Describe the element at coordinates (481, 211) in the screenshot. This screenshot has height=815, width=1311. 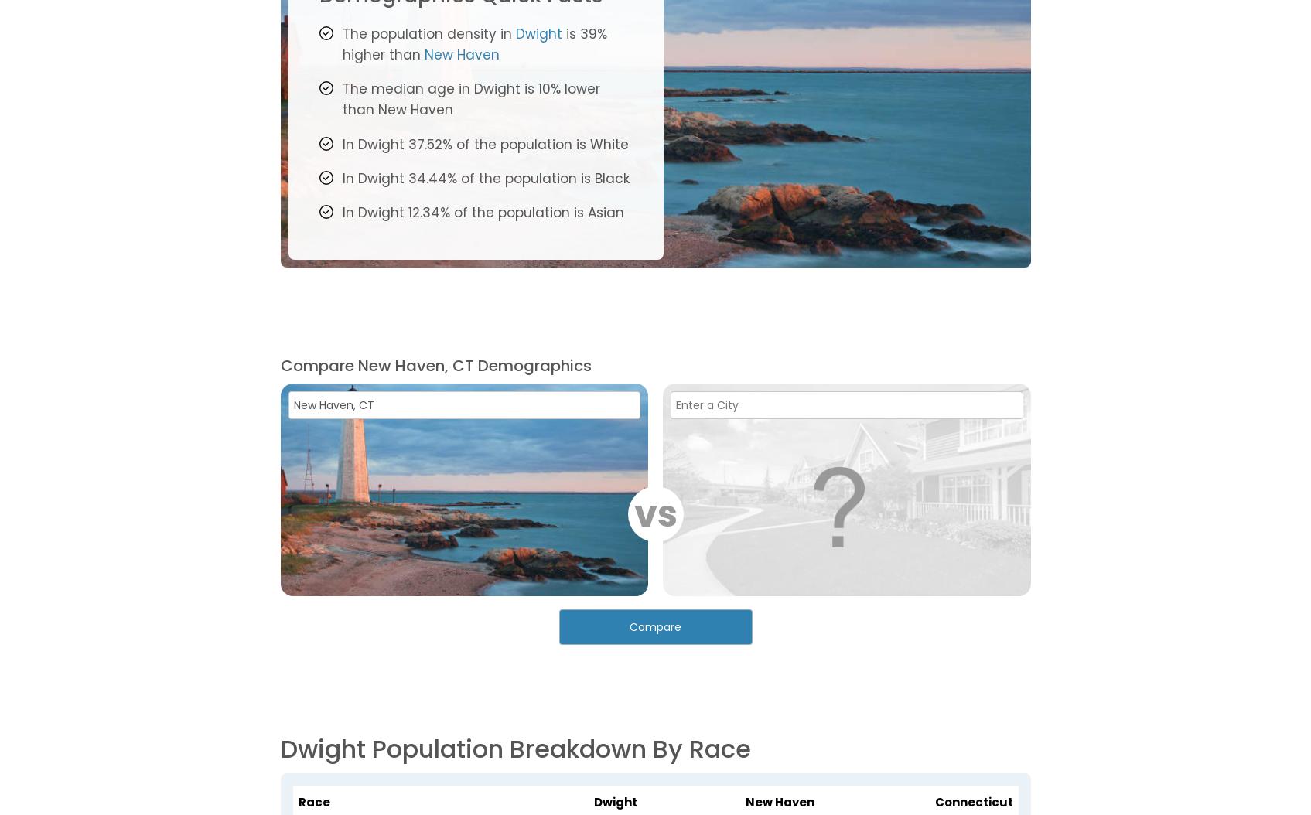
I see `'In Dwight 12.34% of the population is Asian'` at that location.